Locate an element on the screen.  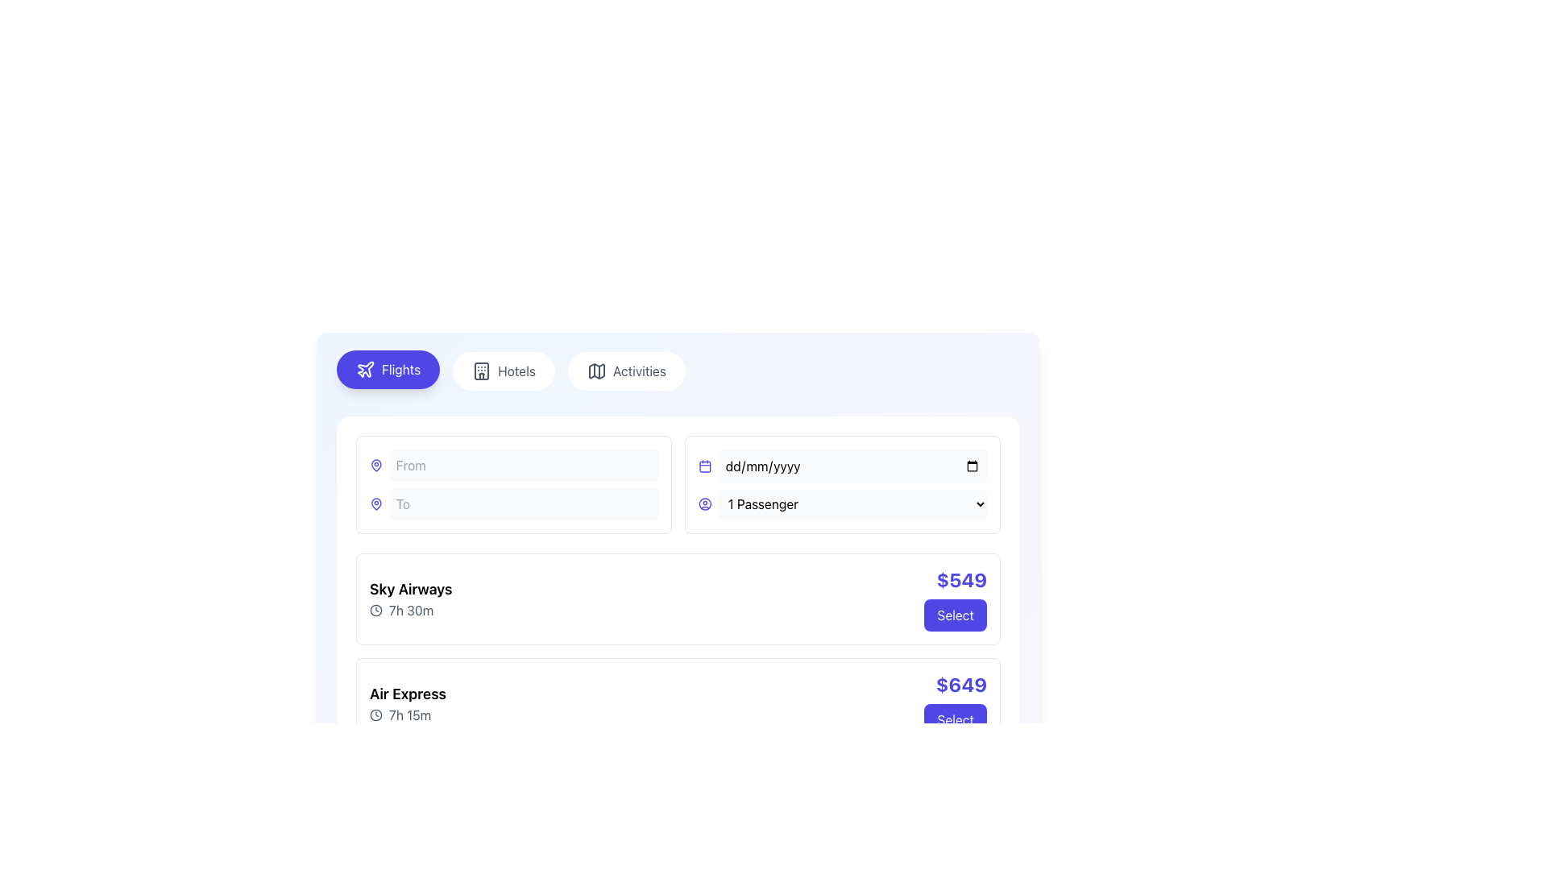
the text within the input field group that includes a blue pin icon and a placeholder indicating 'From', located above the 'To' input field is located at coordinates (513, 466).